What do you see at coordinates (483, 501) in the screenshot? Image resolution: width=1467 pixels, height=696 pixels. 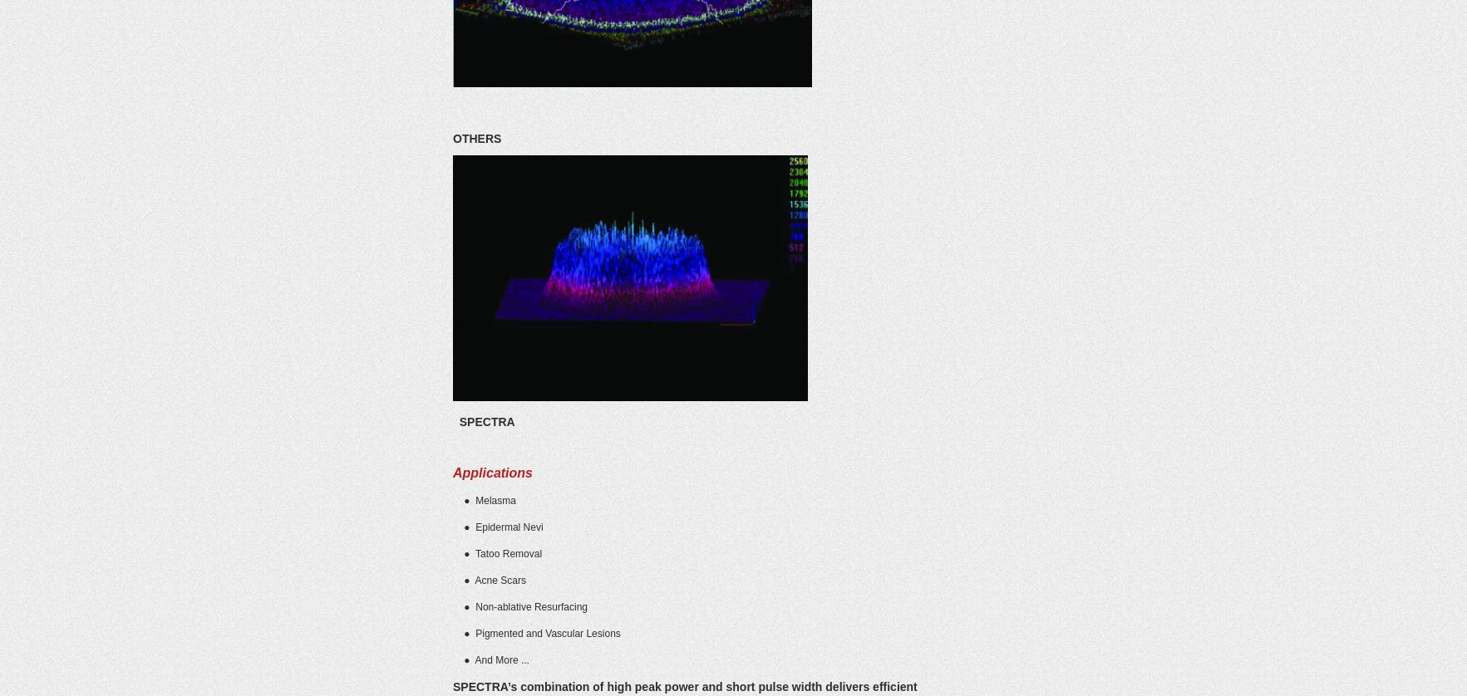 I see `'●  Melasma'` at bounding box center [483, 501].